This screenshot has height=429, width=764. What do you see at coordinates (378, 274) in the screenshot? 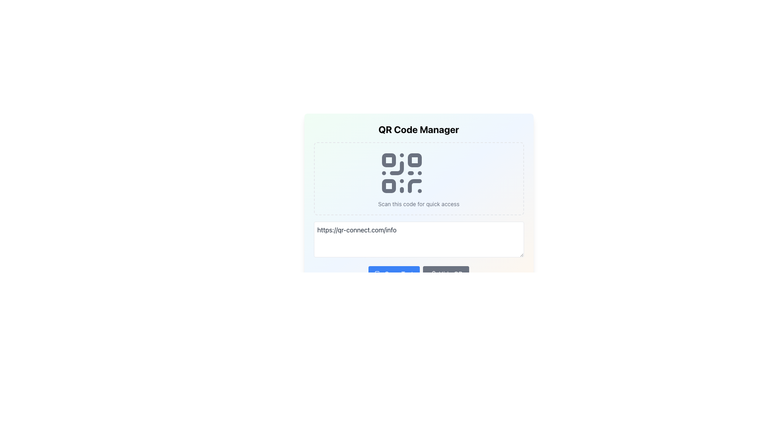
I see `the visual changes of the small rounded square graphical icon element within the SVG structure by hovering over it` at bounding box center [378, 274].